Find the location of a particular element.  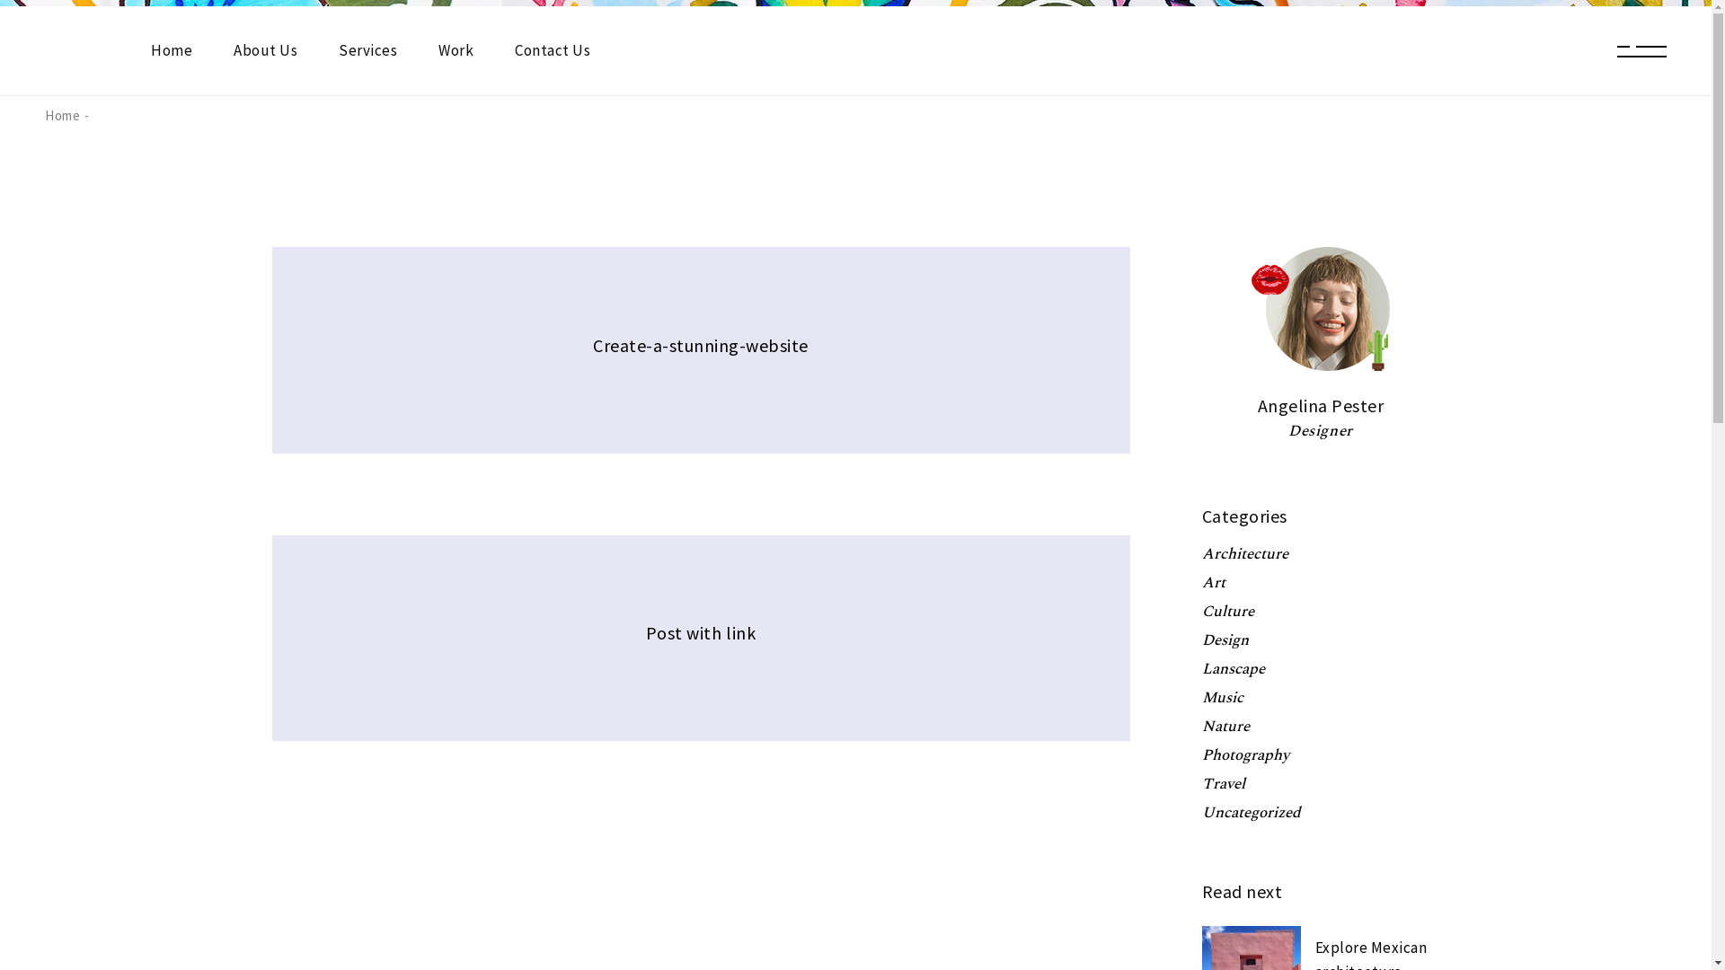

'0404 172 272' is located at coordinates (1160, 676).